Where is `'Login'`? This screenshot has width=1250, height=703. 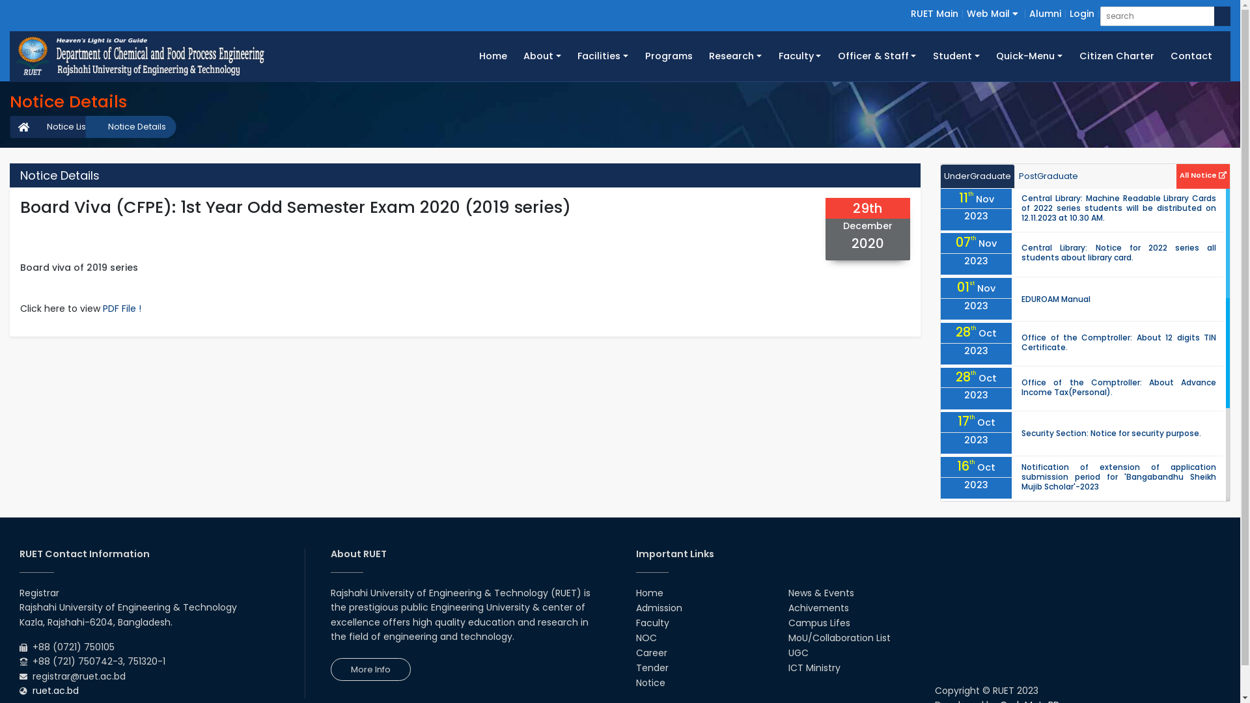 'Login' is located at coordinates (1081, 13).